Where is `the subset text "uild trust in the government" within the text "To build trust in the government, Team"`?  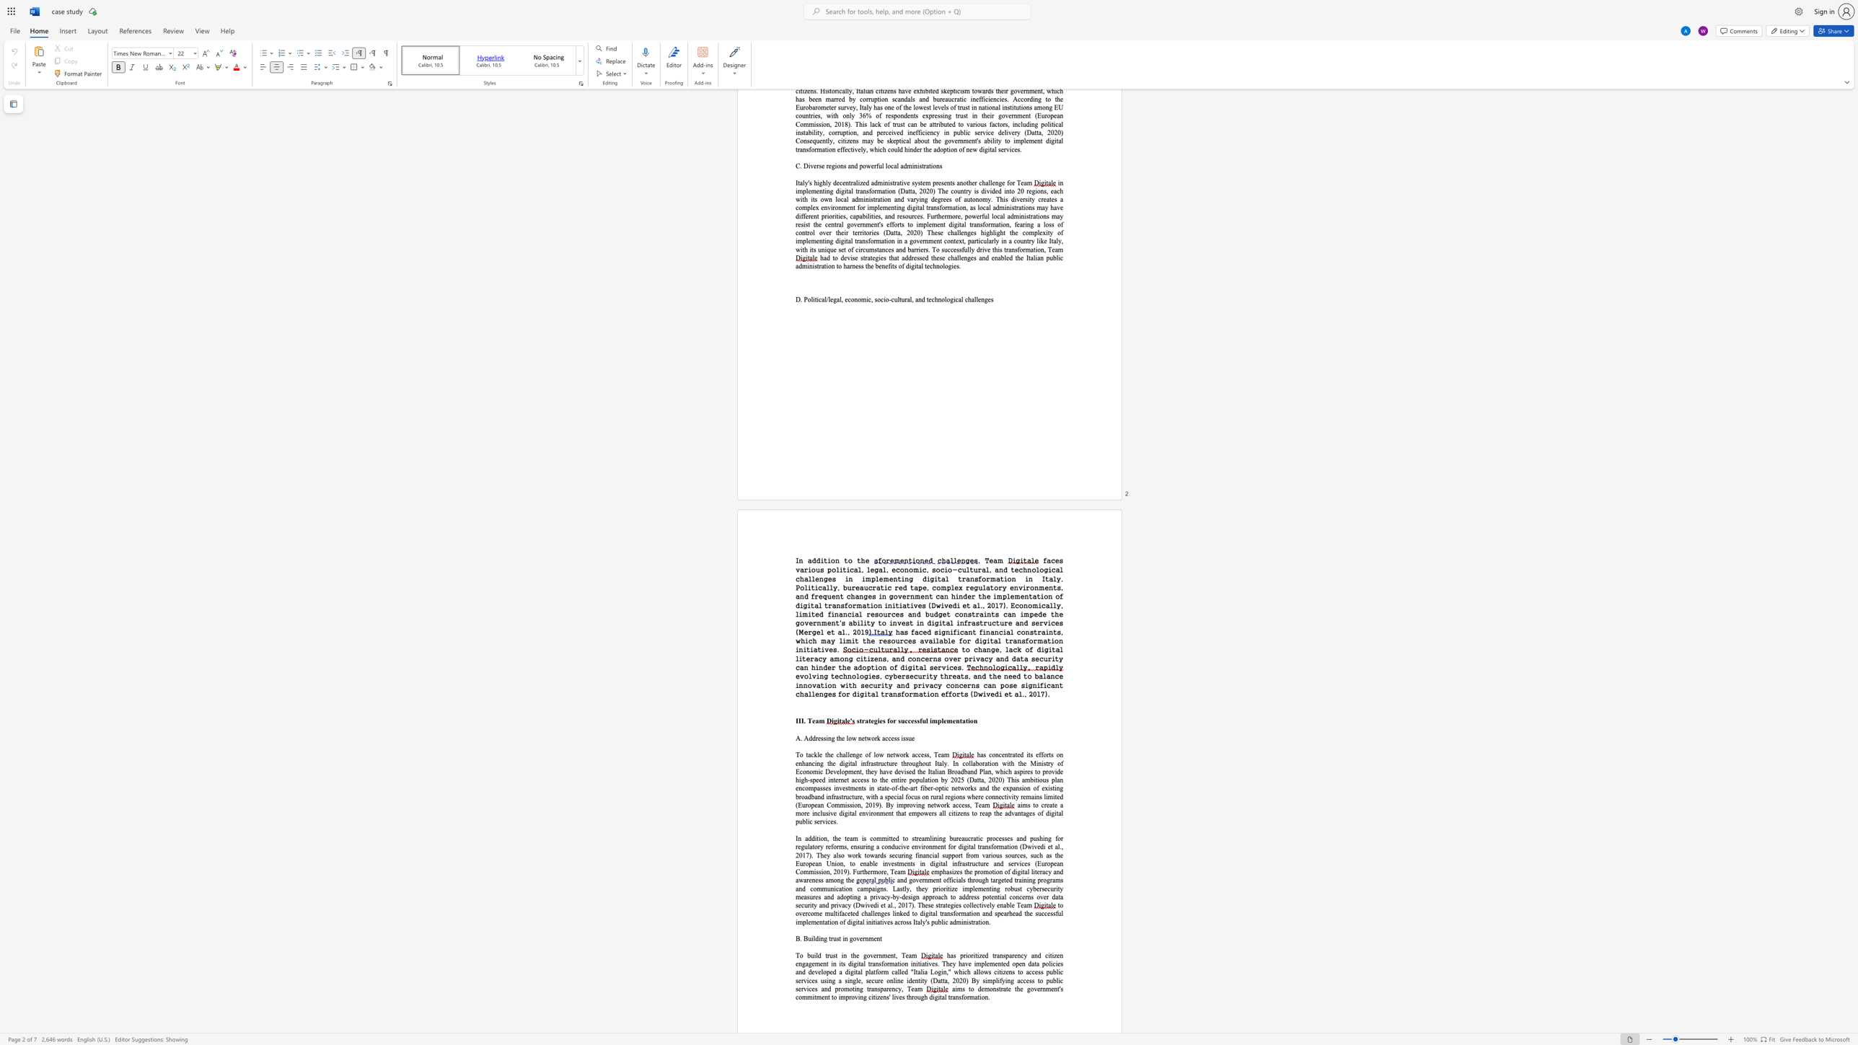 the subset text "uild trust in the government" within the text "To build trust in the government, Team" is located at coordinates (810, 955).